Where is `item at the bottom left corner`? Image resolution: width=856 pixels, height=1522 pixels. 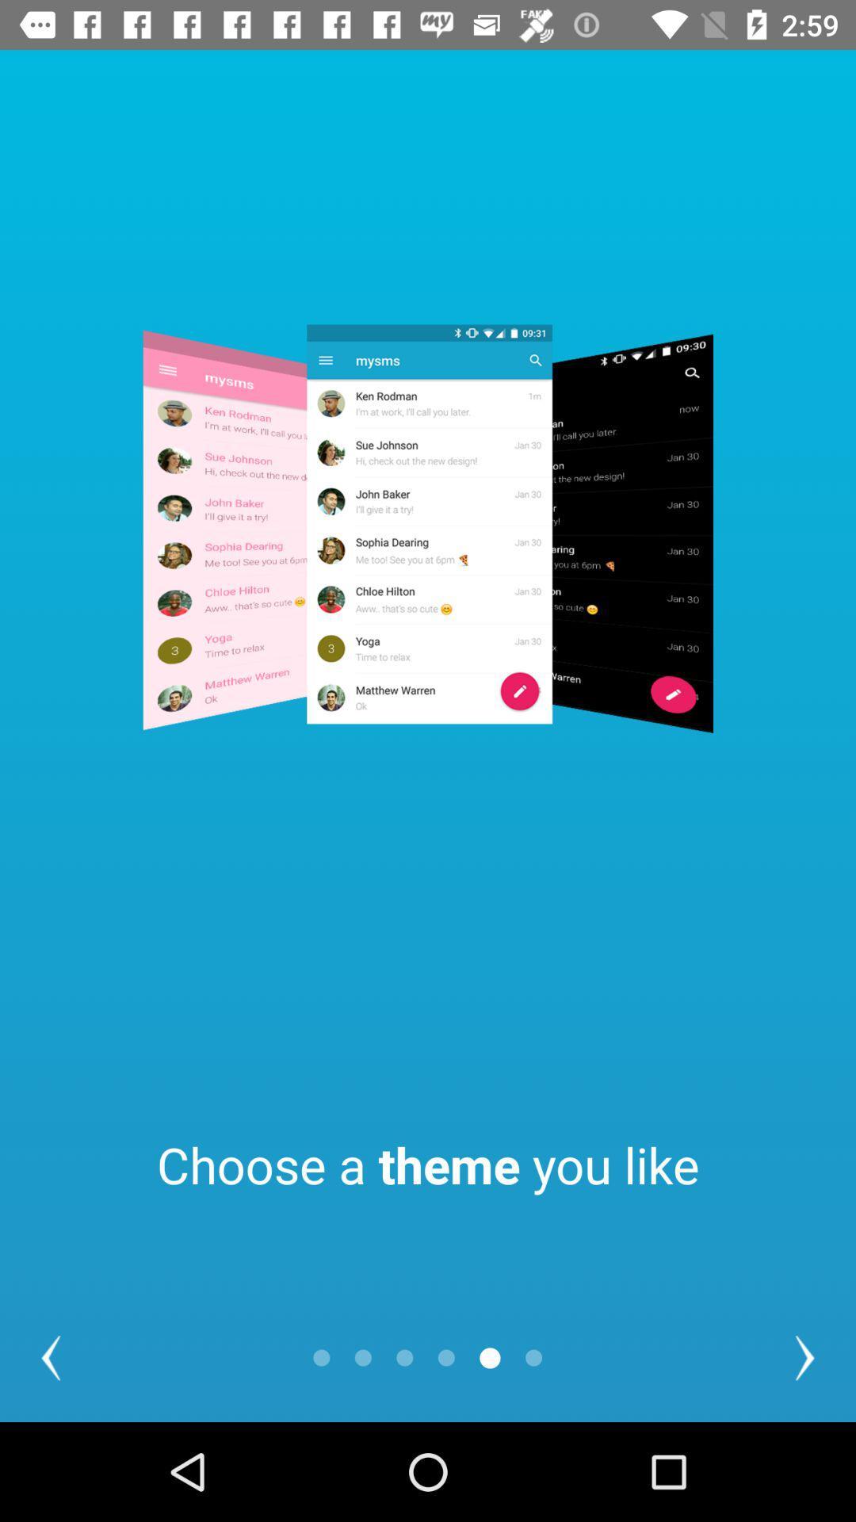
item at the bottom left corner is located at coordinates (50, 1357).